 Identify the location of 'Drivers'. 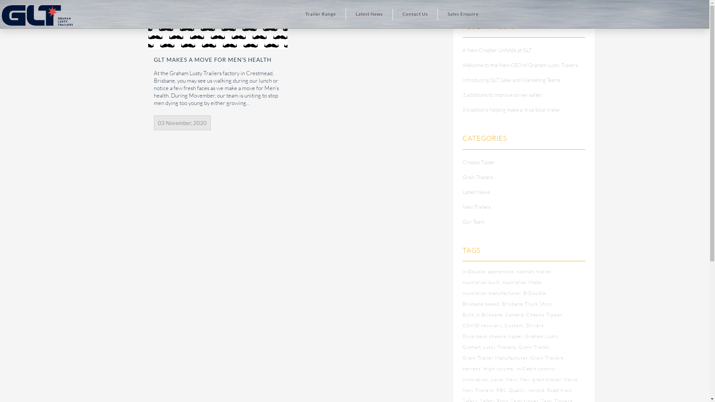
(535, 325).